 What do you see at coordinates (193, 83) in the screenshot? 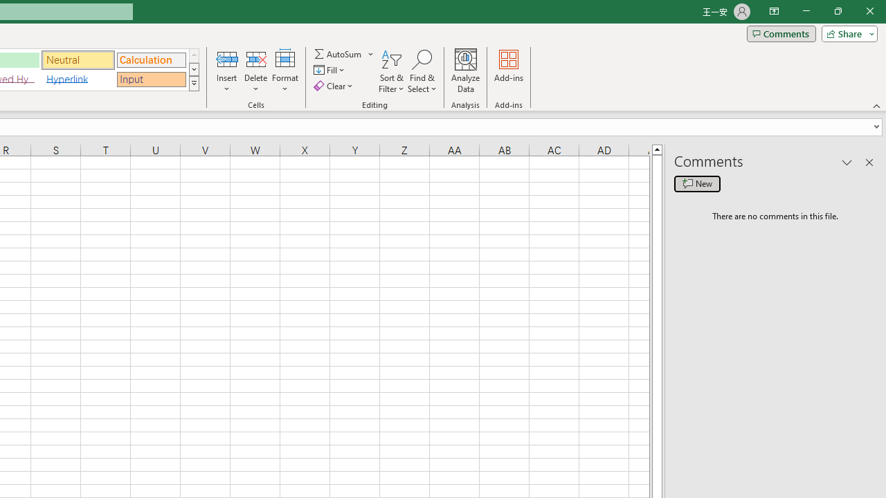
I see `'Class: NetUIImage'` at bounding box center [193, 83].